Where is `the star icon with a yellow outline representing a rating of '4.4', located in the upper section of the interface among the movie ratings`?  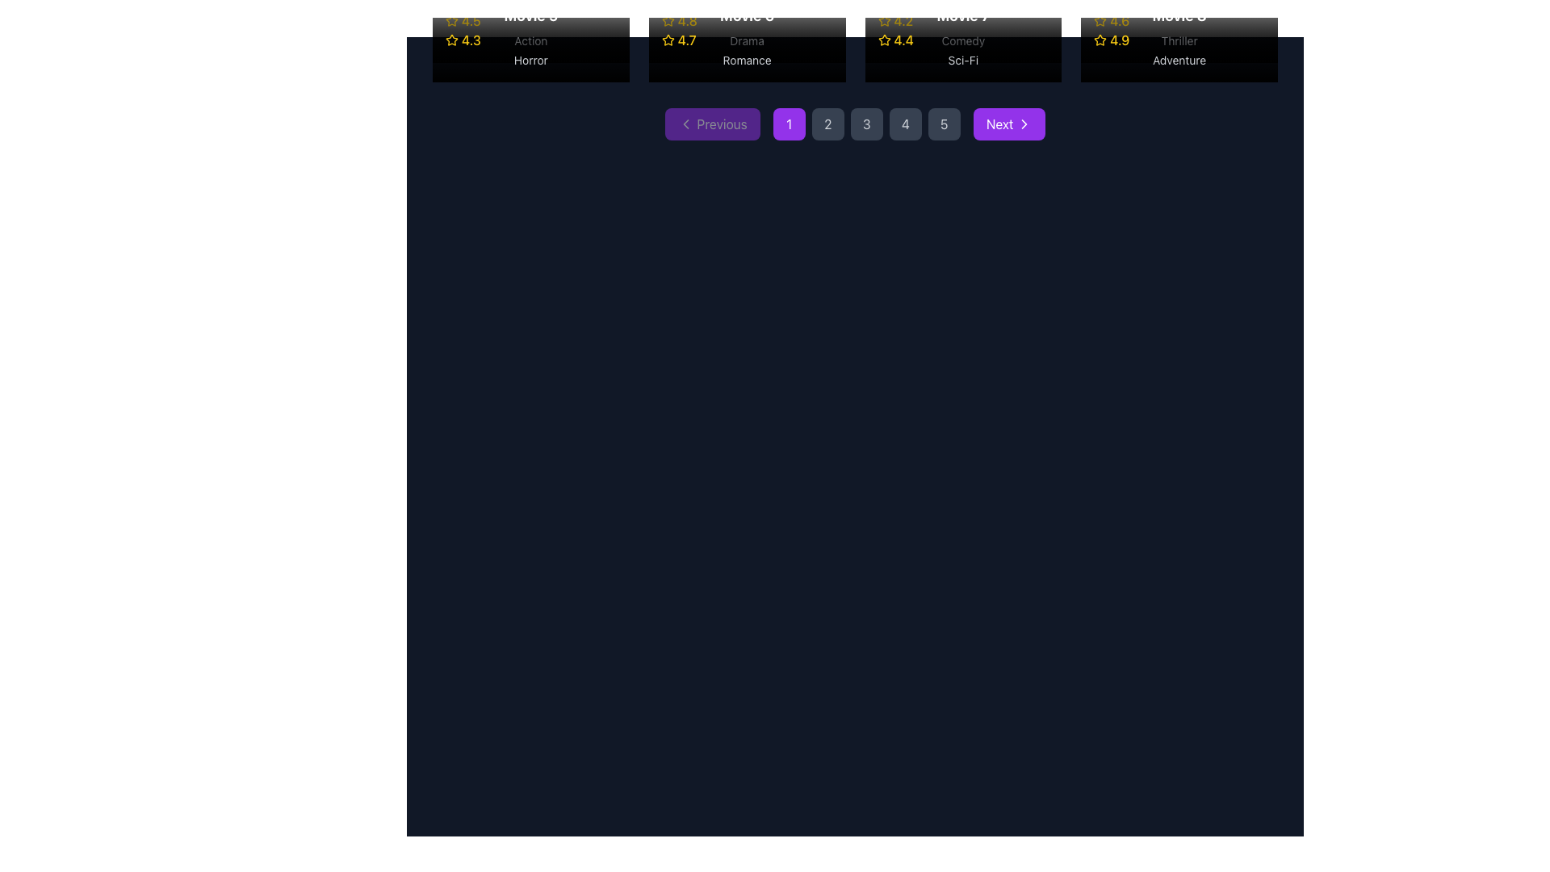
the star icon with a yellow outline representing a rating of '4.4', located in the upper section of the interface among the movie ratings is located at coordinates (883, 40).